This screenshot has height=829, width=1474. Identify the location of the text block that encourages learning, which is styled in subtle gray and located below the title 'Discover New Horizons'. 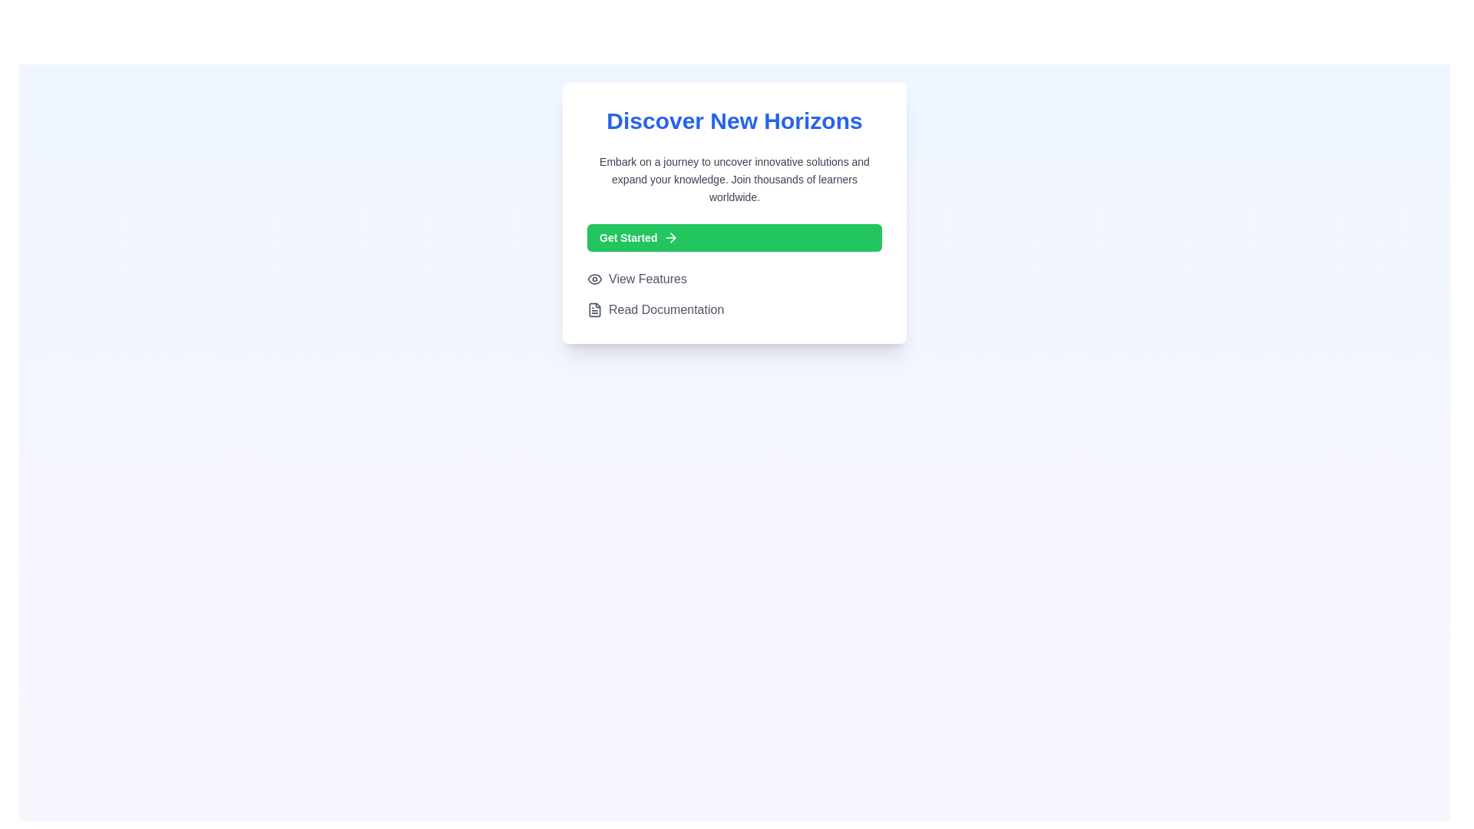
(733, 179).